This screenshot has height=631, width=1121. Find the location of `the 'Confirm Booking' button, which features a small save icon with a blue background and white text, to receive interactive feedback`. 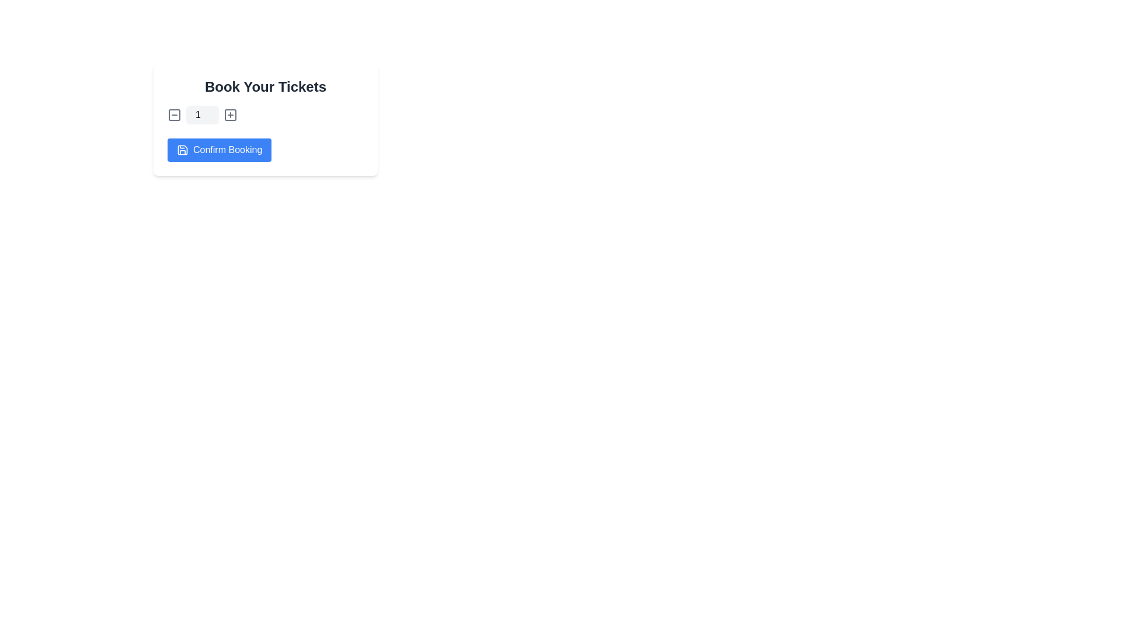

the 'Confirm Booking' button, which features a small save icon with a blue background and white text, to receive interactive feedback is located at coordinates (182, 150).